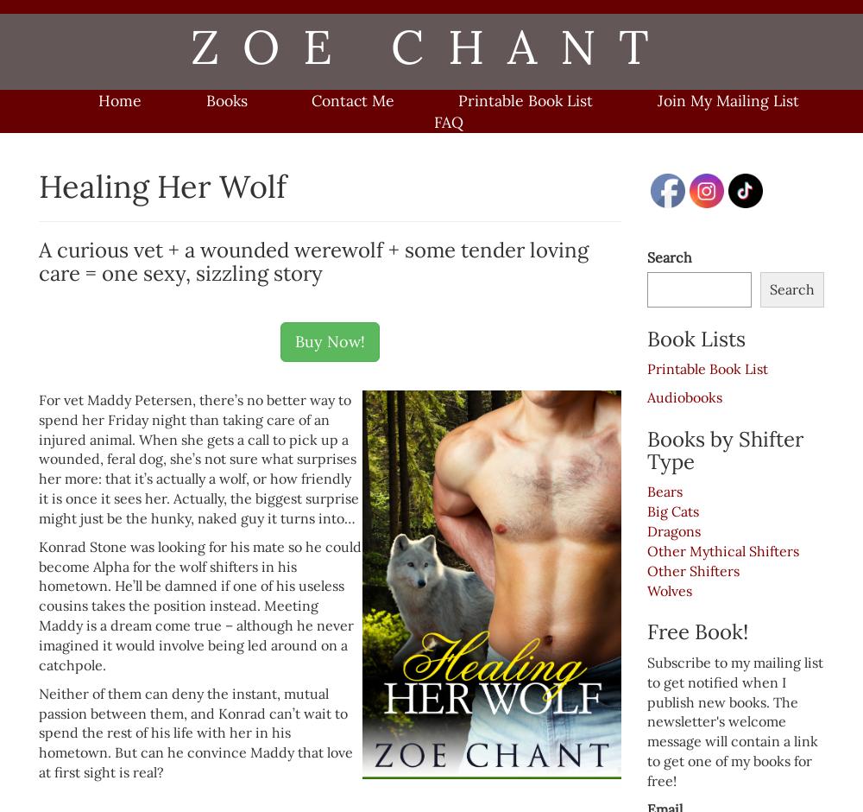 The height and width of the screenshot is (812, 863). What do you see at coordinates (734, 720) in the screenshot?
I see `'Subscribe to my mailing list to get notified when I publish new books. The newsletter's welcome message will contain a link to get one of my books for free!'` at bounding box center [734, 720].